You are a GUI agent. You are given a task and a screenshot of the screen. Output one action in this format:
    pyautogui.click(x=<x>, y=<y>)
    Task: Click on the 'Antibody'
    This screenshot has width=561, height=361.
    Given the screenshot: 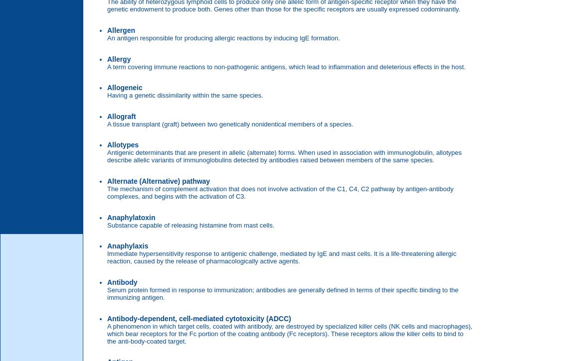 What is the action you would take?
    pyautogui.click(x=122, y=282)
    